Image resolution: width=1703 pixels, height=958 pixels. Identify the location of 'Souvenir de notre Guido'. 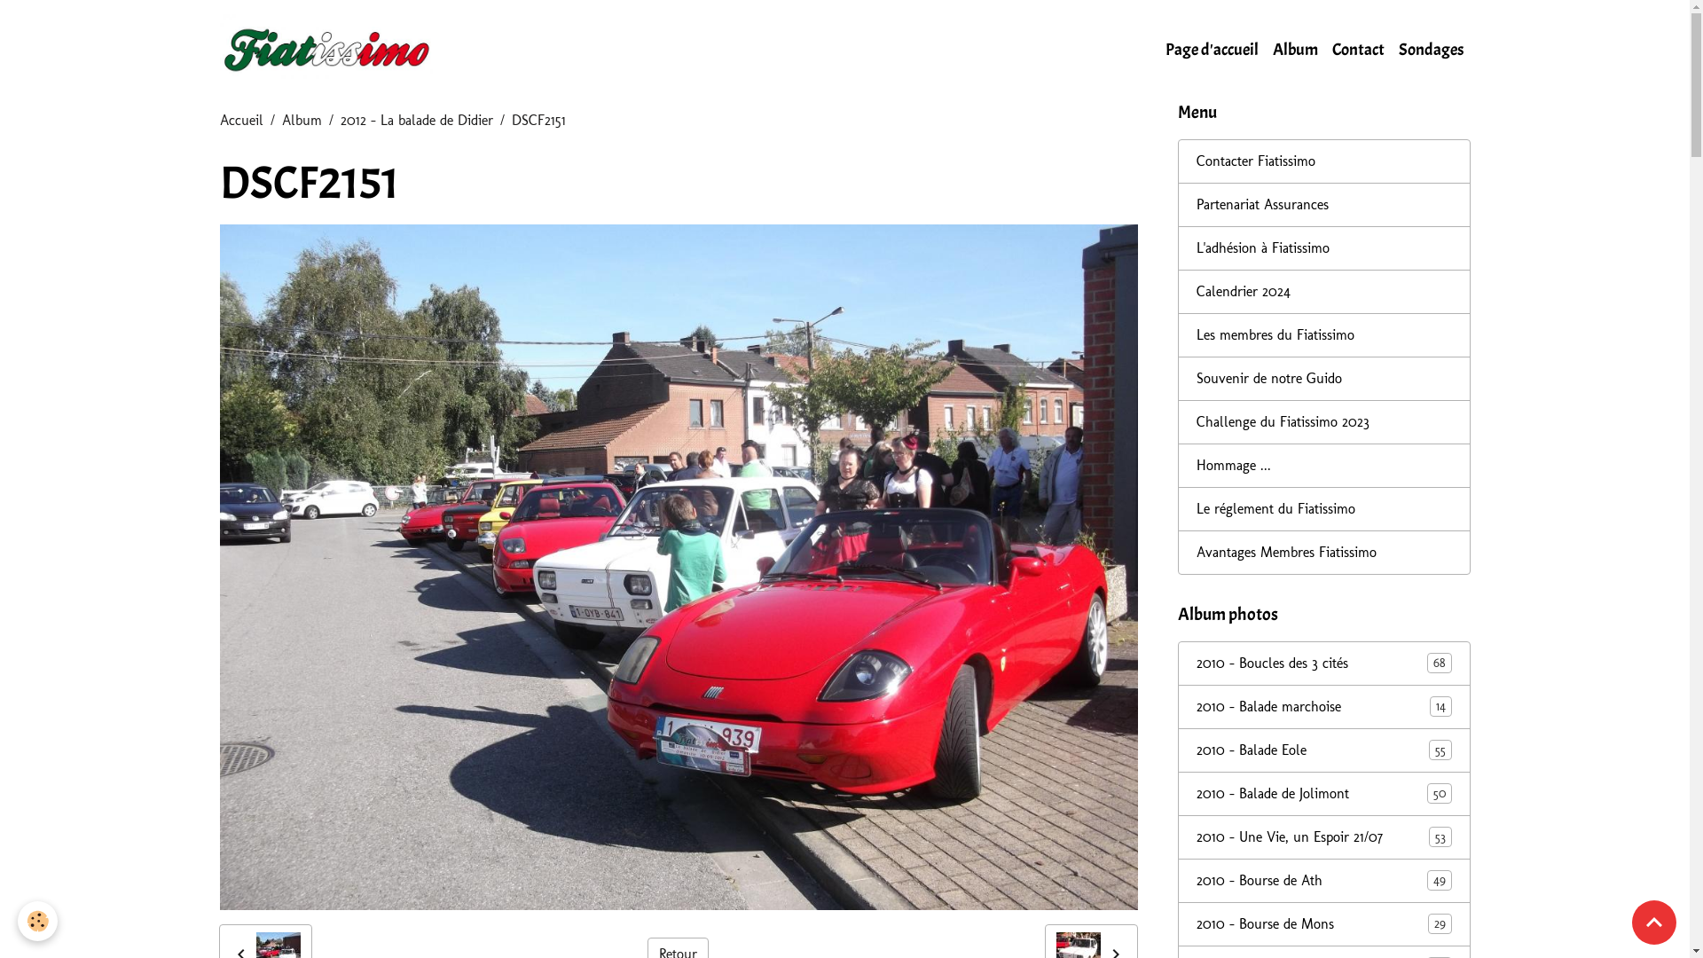
(1323, 378).